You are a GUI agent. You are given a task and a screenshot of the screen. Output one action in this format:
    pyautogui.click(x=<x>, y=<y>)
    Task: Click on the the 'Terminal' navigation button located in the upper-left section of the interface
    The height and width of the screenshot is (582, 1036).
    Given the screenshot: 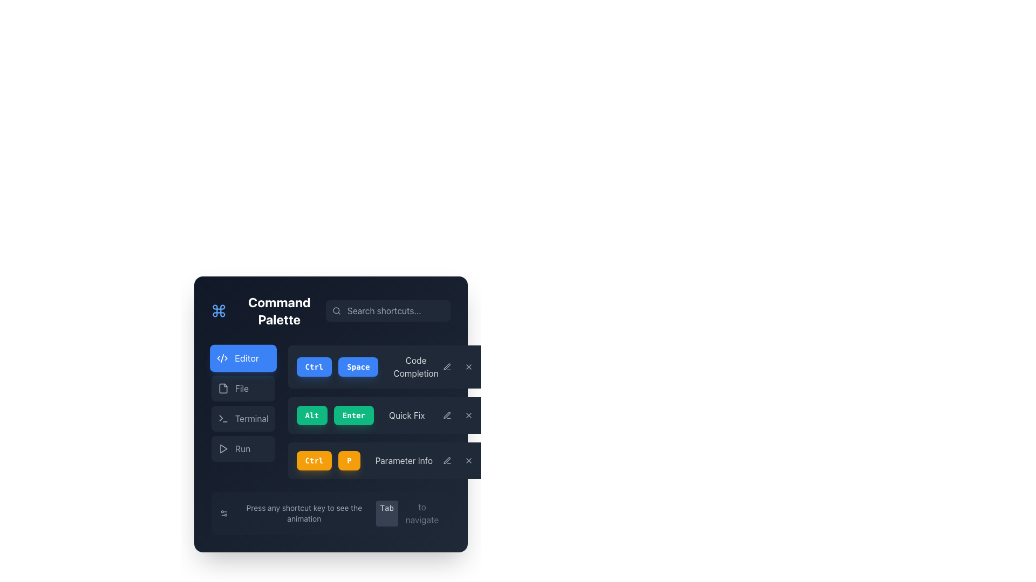 What is the action you would take?
    pyautogui.click(x=242, y=412)
    